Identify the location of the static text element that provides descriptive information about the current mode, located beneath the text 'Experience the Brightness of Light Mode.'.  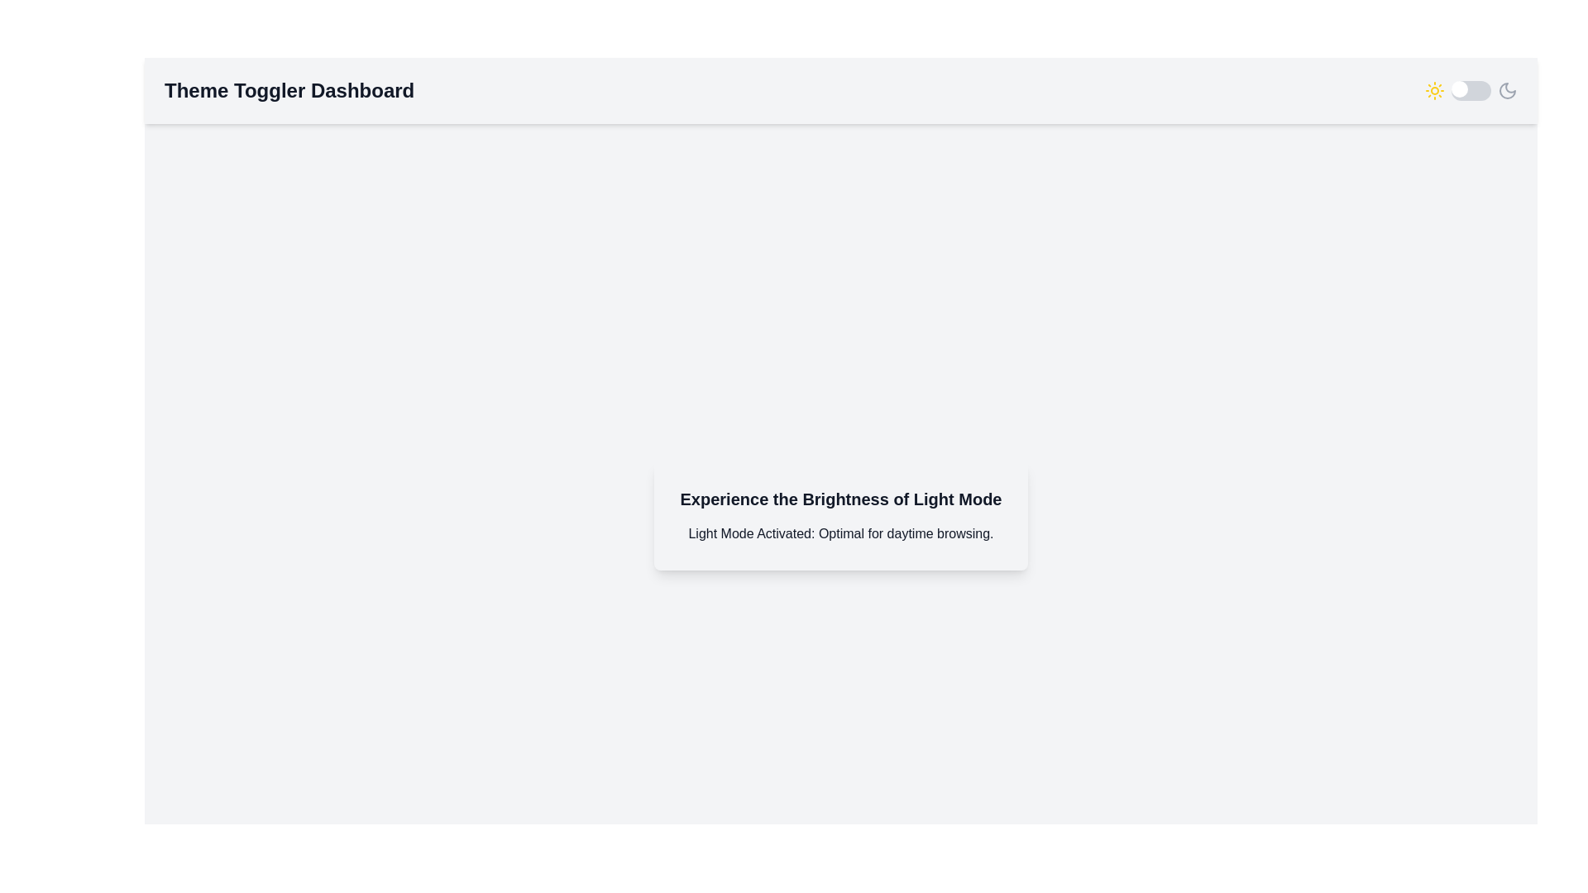
(841, 533).